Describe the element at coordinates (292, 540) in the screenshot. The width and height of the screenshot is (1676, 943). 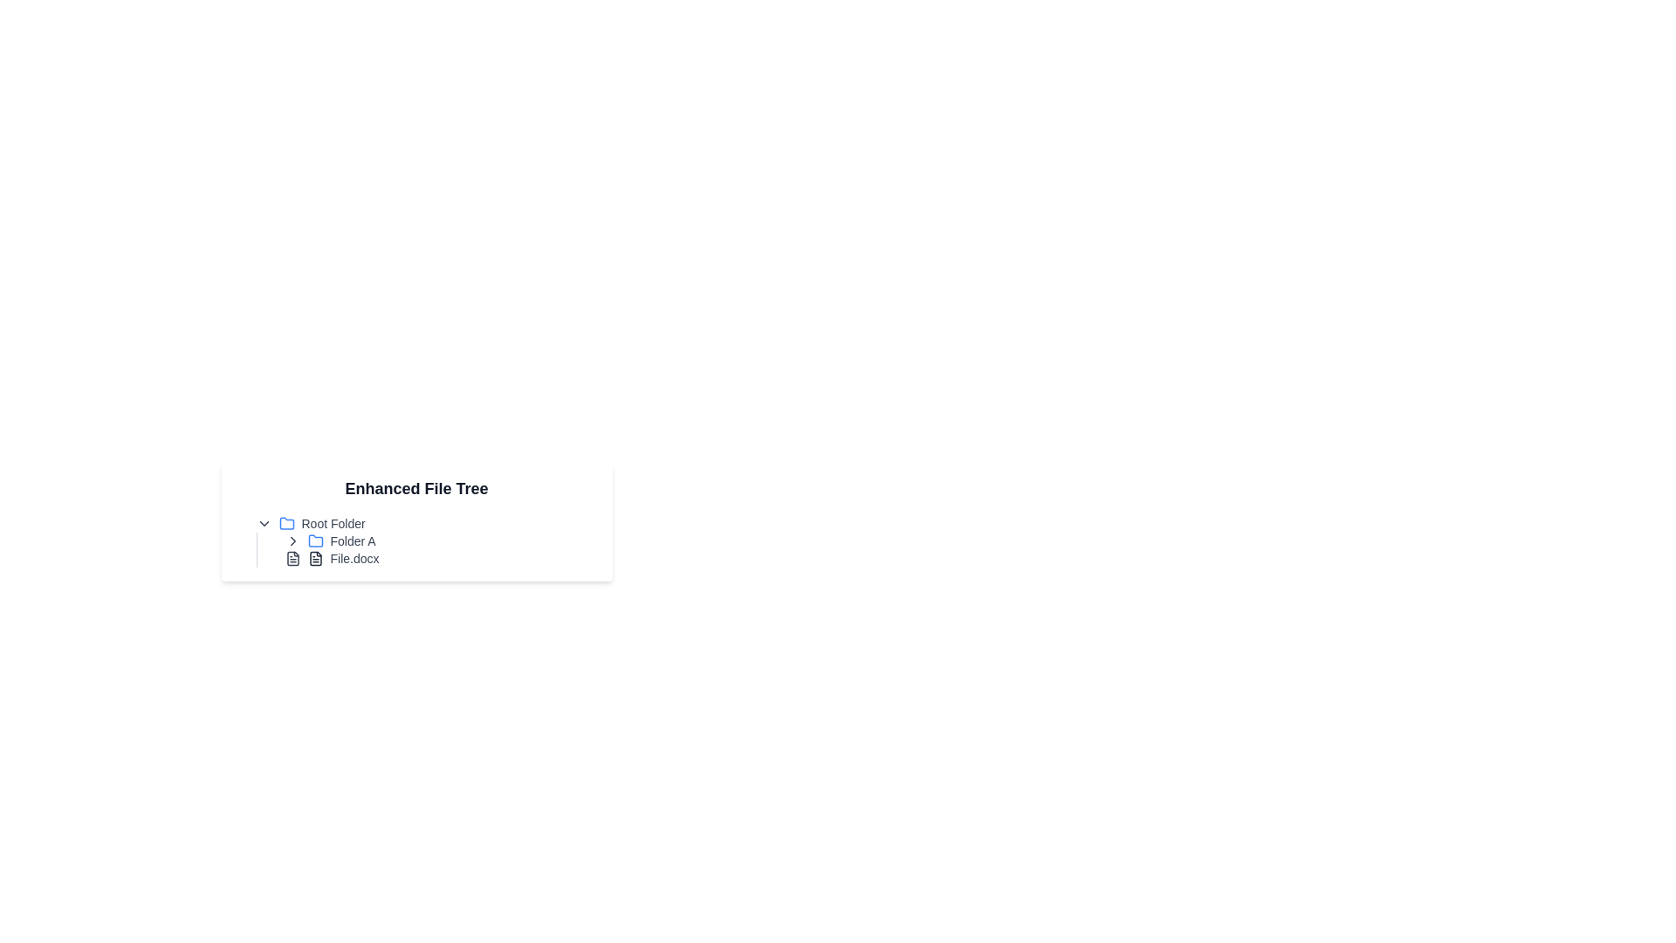
I see `the right-pointing chevron icon next to the label 'Folder A' in the file tree` at that location.